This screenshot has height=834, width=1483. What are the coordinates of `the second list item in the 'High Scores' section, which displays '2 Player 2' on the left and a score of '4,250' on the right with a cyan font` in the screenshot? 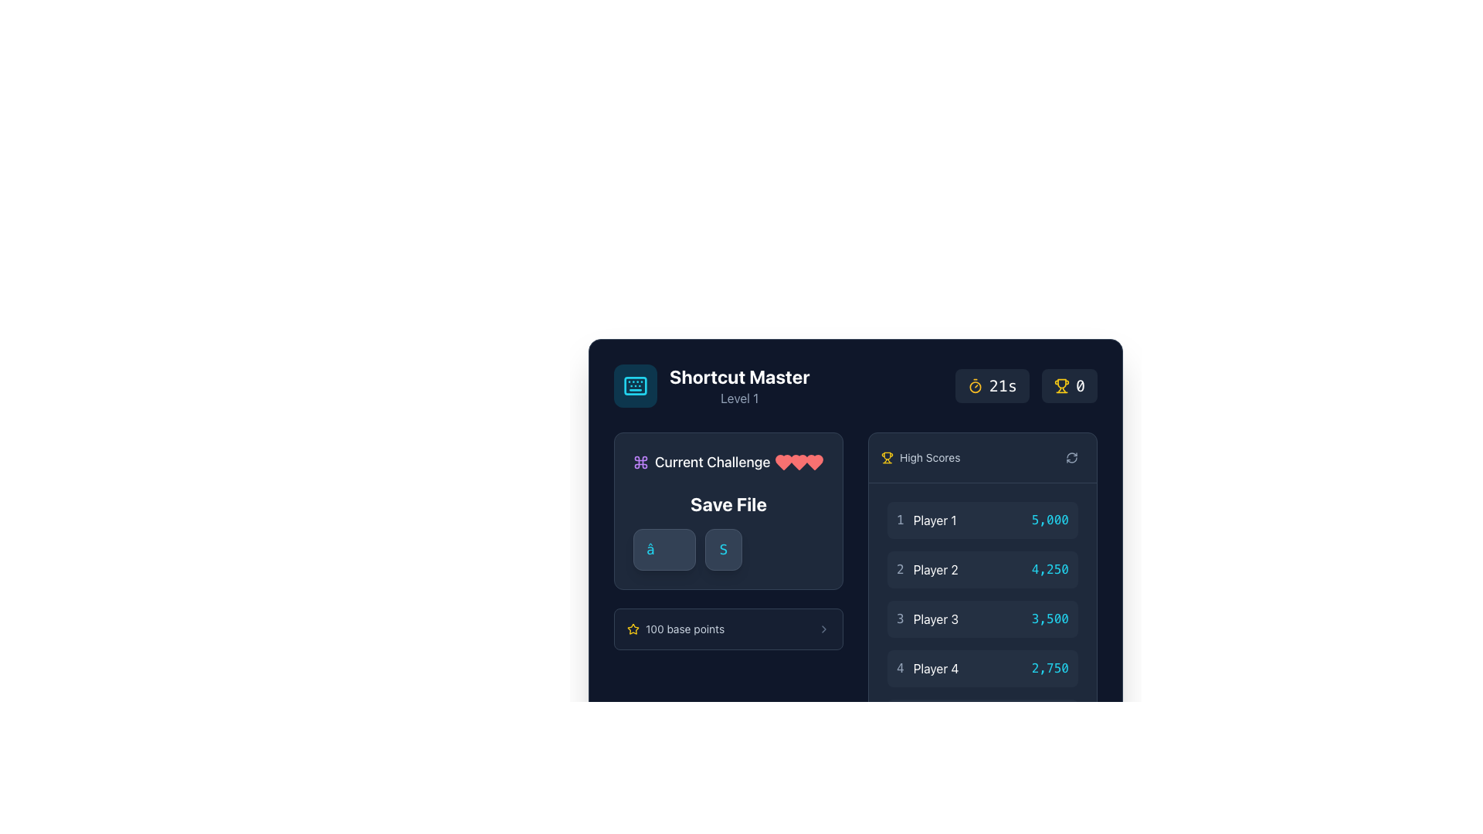 It's located at (982, 569).